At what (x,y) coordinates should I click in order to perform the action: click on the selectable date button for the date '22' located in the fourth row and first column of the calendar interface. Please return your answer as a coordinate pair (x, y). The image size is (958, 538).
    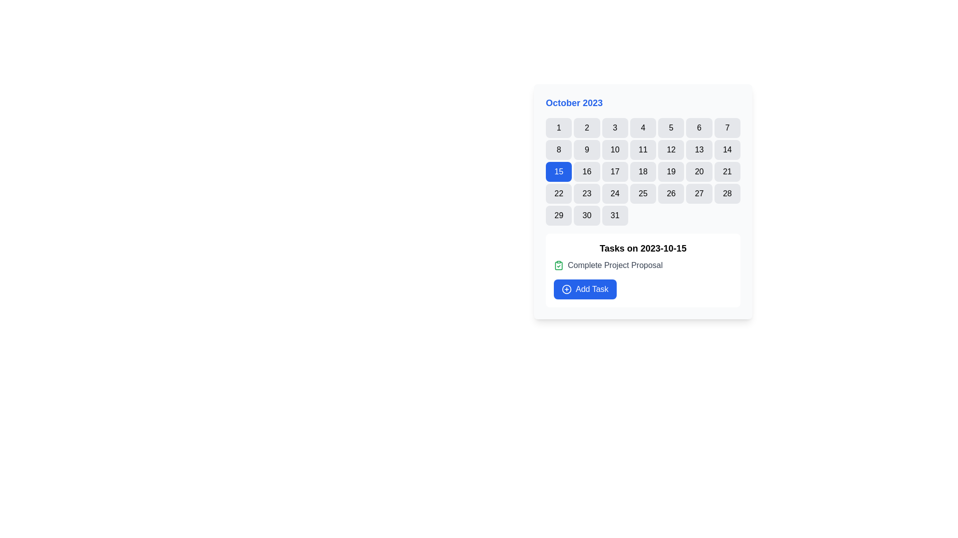
    Looking at the image, I should click on (558, 194).